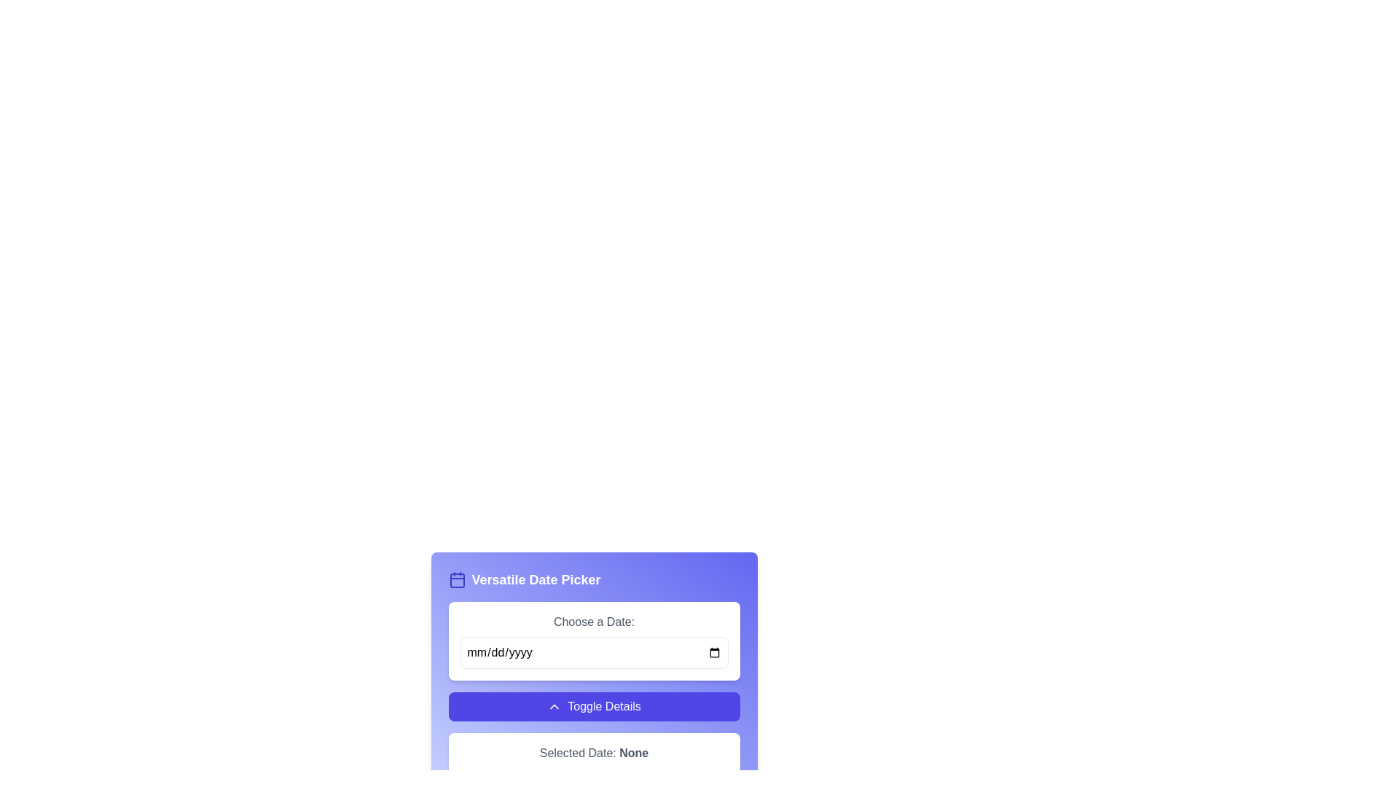  I want to click on the indigo-colored outline calendar icon with rounded edges and an etched grid-like feature located next to the text 'Versatile Date Picker' at the top of the card, so click(456, 579).